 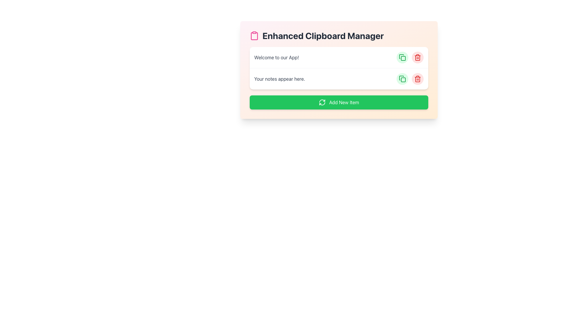 I want to click on the large green rectangular button labeled 'Add New Item' located at the bottom of the 'Enhanced Clipboard Manager' card, so click(x=339, y=102).